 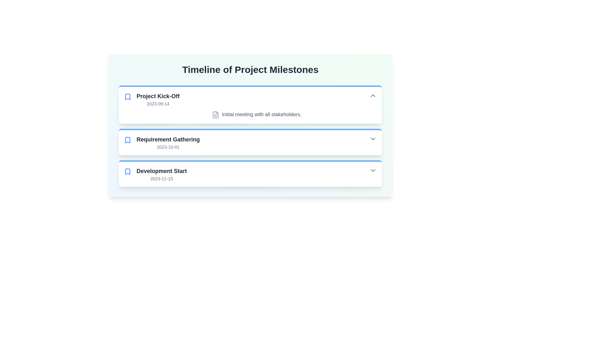 I want to click on the SVG document icon located next to the text 'Initial meeting with all stakeholders.' in the description section under the 'Project Kick-Off' milestone, so click(x=215, y=114).